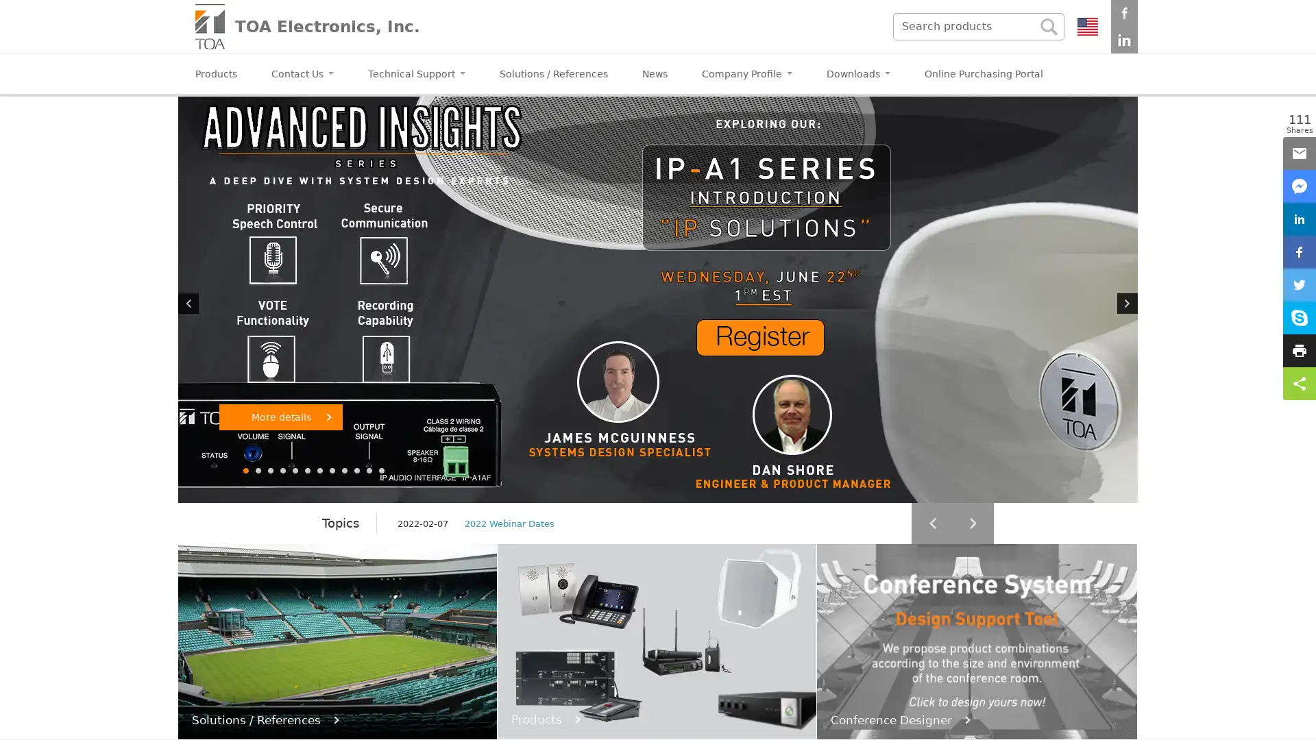  Describe the element at coordinates (259, 469) in the screenshot. I see `2` at that location.